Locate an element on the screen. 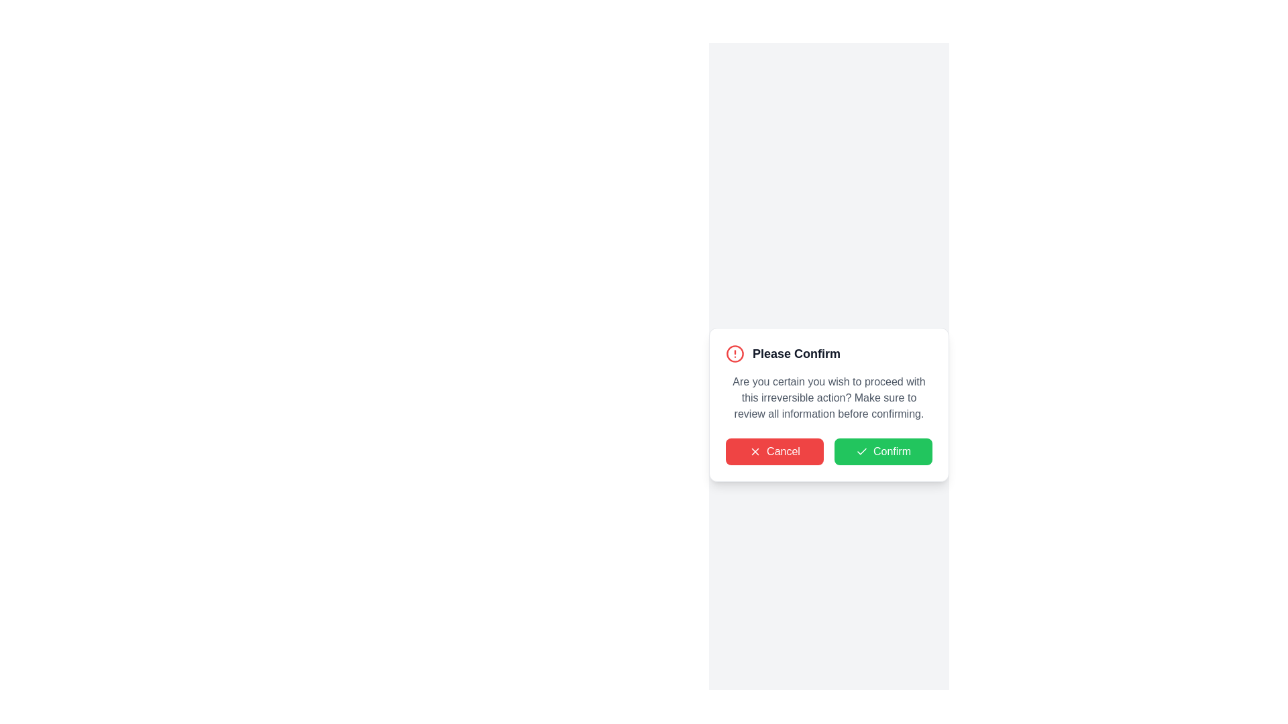  the 'Confirm' button with a bright green background and white text is located at coordinates (883, 452).